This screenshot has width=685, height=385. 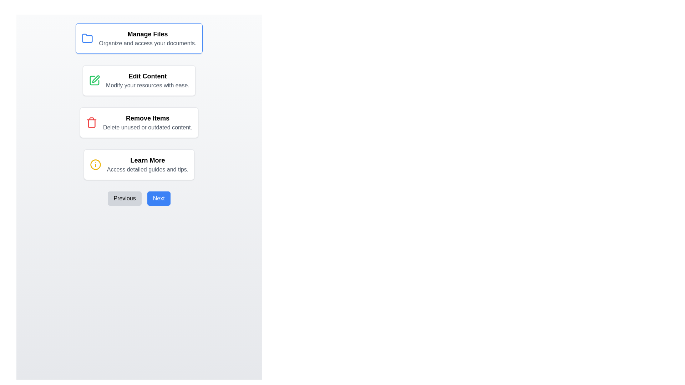 What do you see at coordinates (94, 80) in the screenshot?
I see `the green-outline pen icon located in the 'Edit Content' section` at bounding box center [94, 80].